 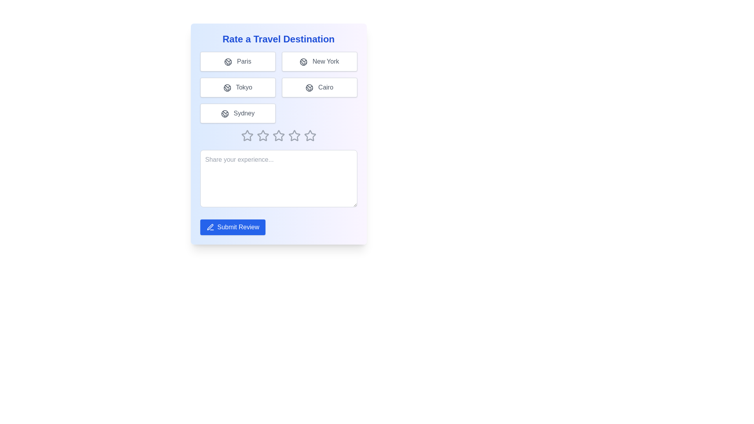 What do you see at coordinates (303, 61) in the screenshot?
I see `the globe icon that represents the 'location' concept, which is located to the left inside the 'New York' button under the 'Rate a Travel Destination' heading` at bounding box center [303, 61].